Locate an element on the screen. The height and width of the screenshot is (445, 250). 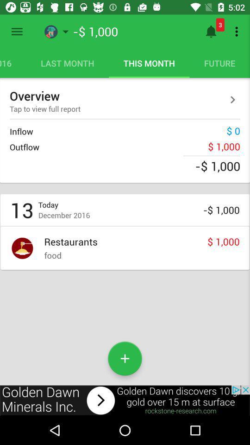
the plus symbol in green color is located at coordinates (125, 358).